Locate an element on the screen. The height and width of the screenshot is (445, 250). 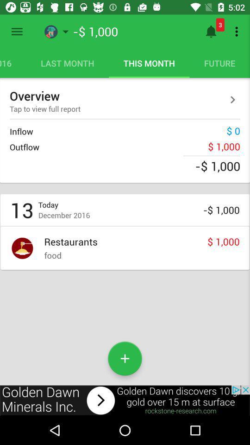
the plus symbol in green color is located at coordinates (125, 358).